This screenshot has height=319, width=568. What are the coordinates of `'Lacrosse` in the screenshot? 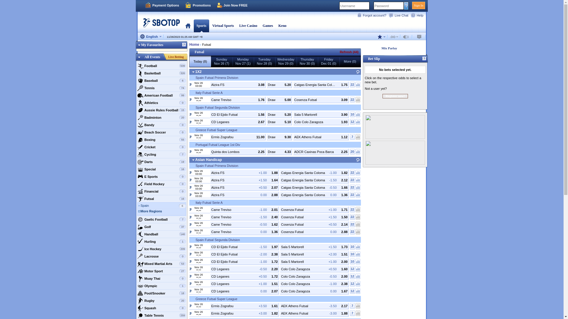 It's located at (162, 256).